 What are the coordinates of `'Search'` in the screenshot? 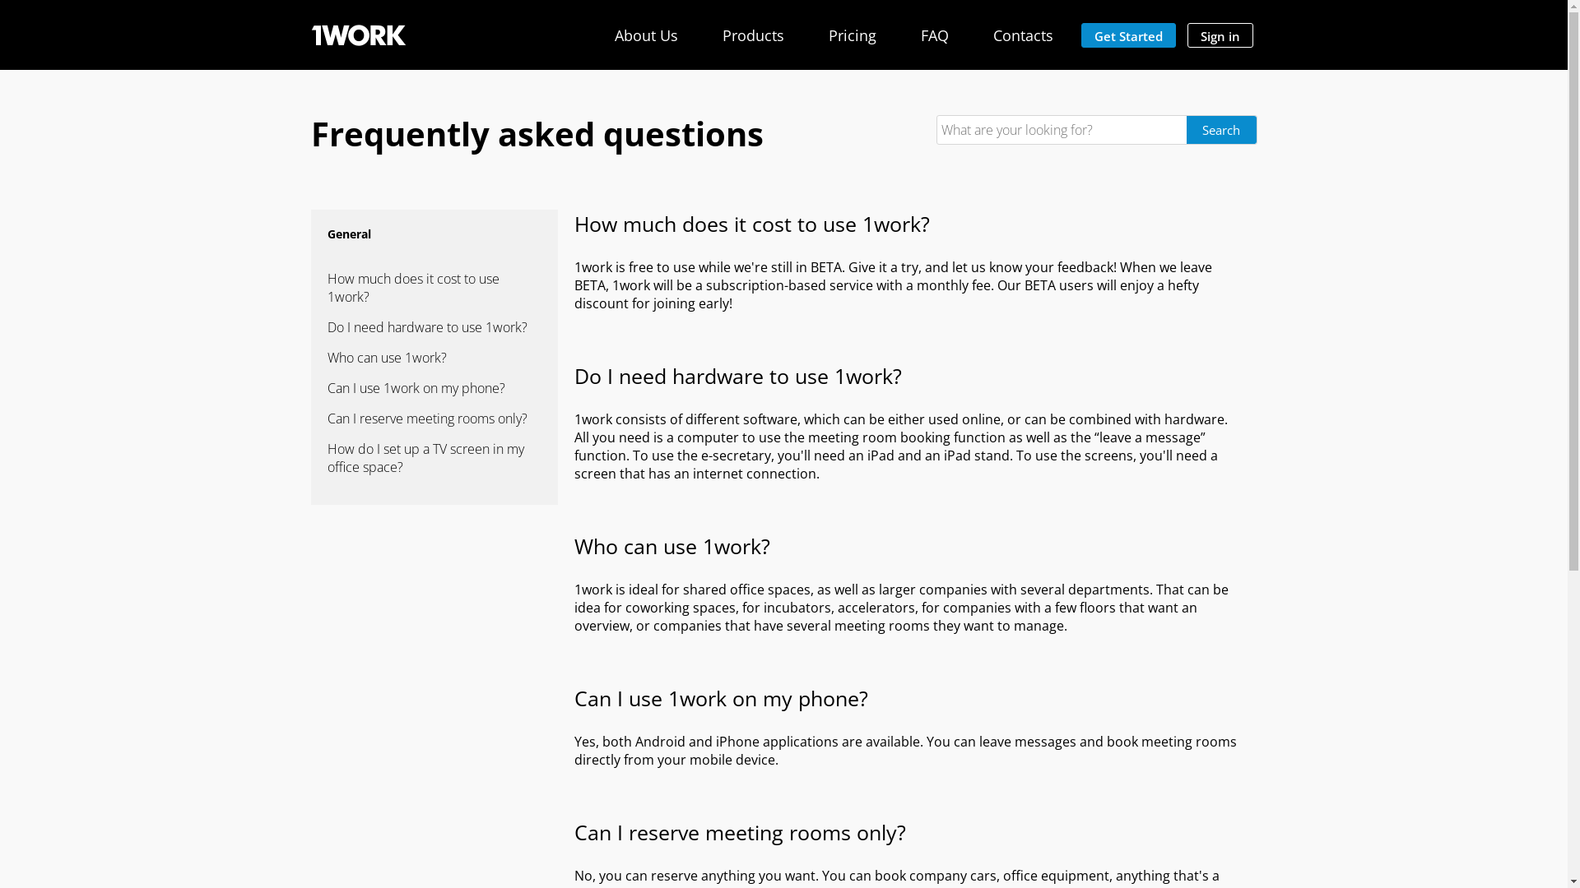 It's located at (1221, 129).